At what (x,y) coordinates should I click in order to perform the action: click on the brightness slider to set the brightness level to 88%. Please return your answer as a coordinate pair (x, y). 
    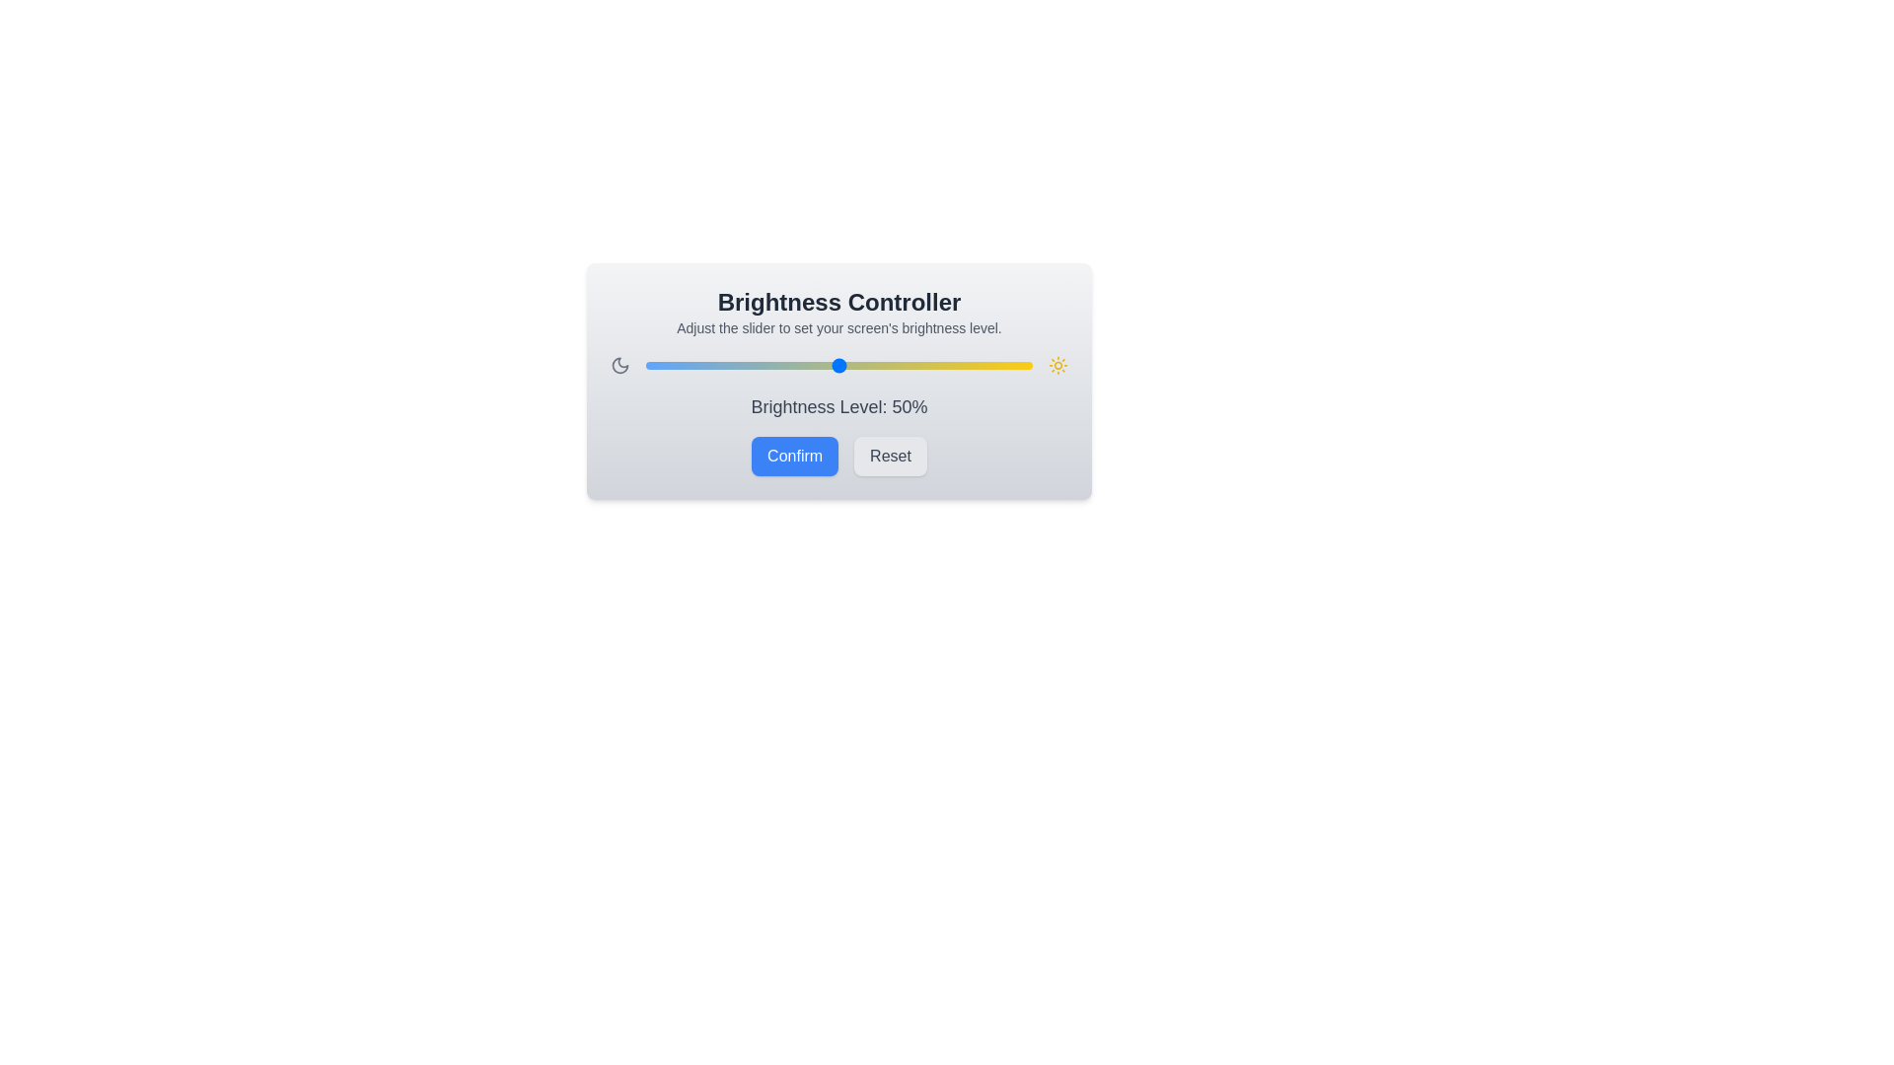
    Looking at the image, I should click on (985, 365).